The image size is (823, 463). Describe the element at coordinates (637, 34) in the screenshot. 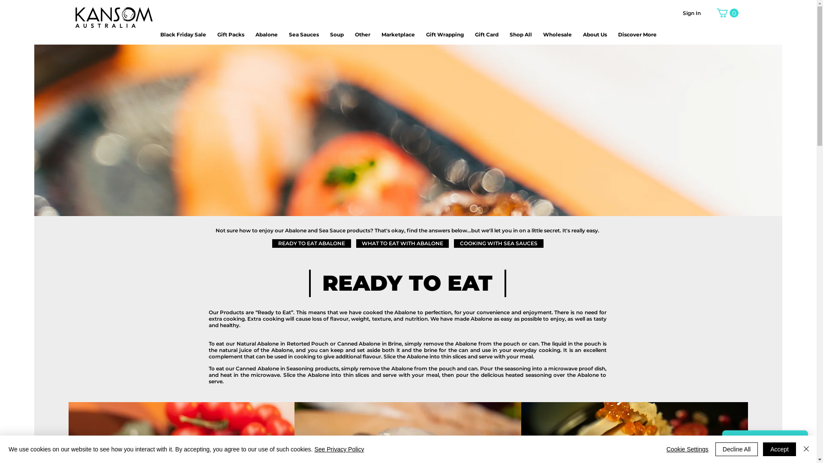

I see `'Discover More'` at that location.